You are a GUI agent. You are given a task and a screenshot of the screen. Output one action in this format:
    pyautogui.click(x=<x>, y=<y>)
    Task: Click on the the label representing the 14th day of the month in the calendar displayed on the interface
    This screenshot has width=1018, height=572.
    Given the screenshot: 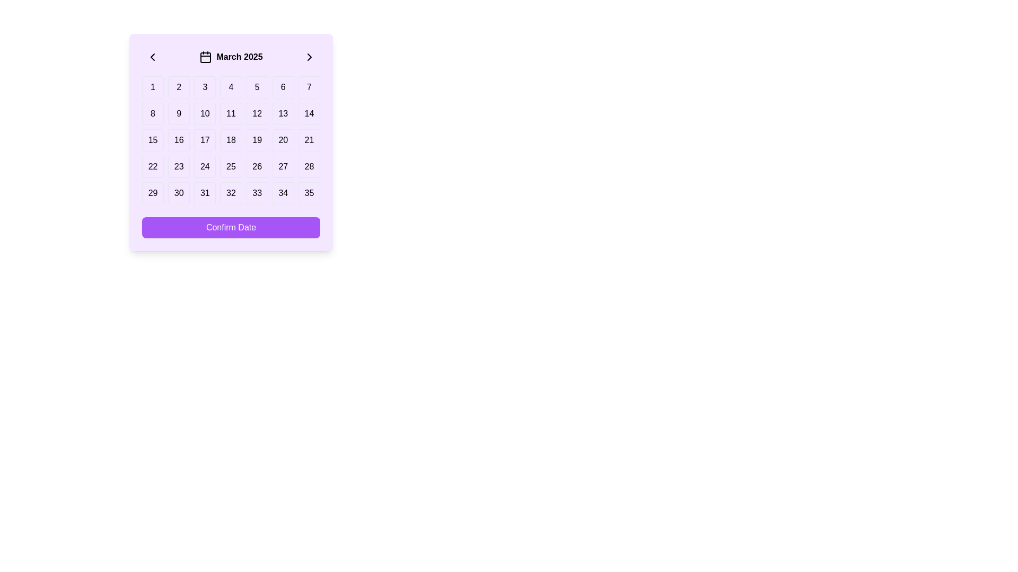 What is the action you would take?
    pyautogui.click(x=309, y=114)
    